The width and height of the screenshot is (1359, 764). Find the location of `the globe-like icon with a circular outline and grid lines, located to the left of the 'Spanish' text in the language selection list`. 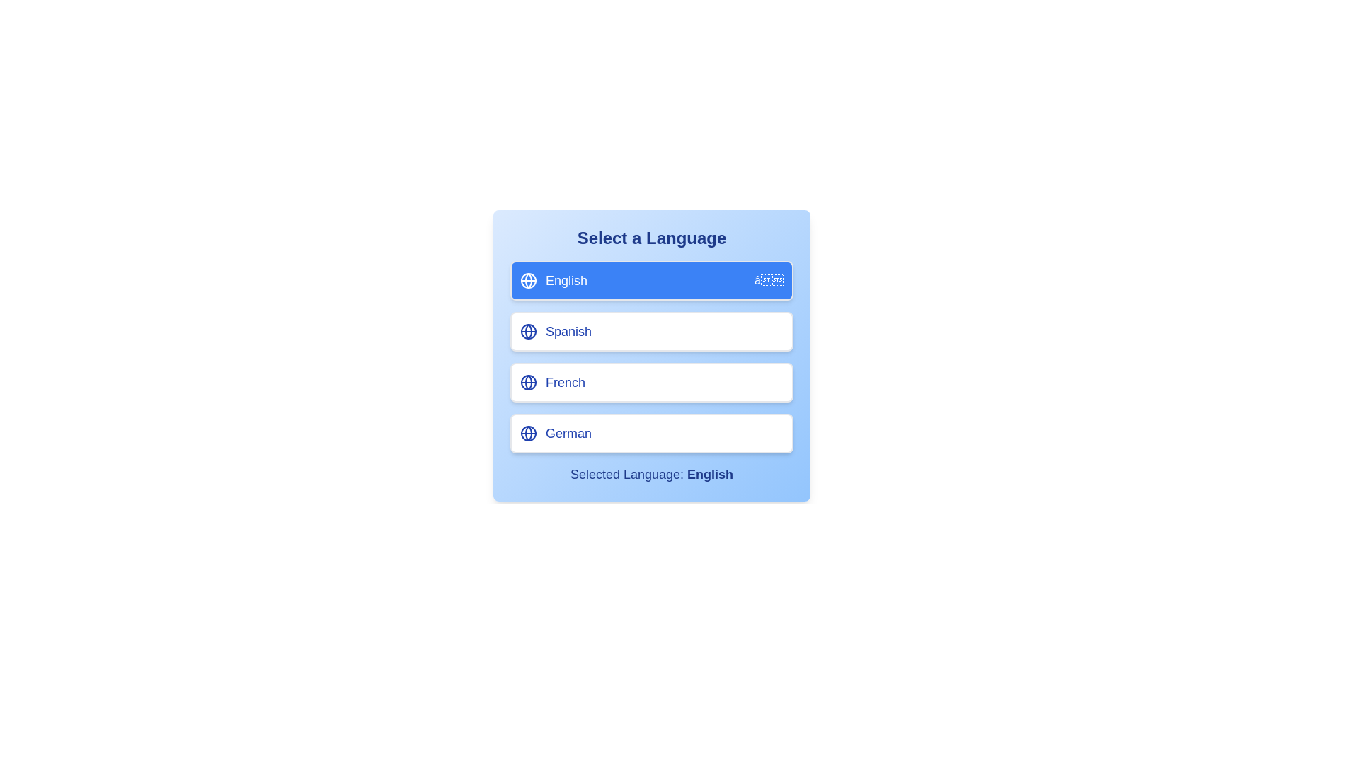

the globe-like icon with a circular outline and grid lines, located to the left of the 'Spanish' text in the language selection list is located at coordinates (528, 332).